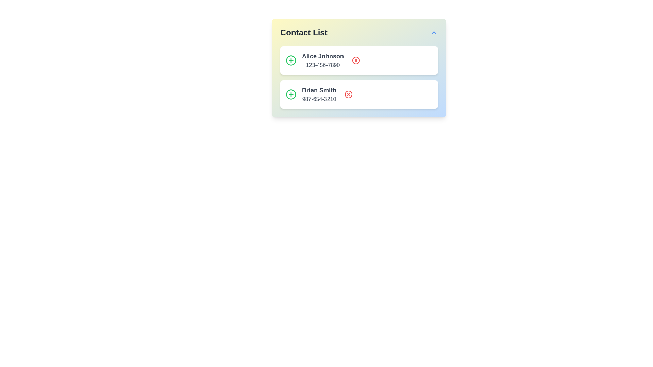 The height and width of the screenshot is (367, 653). What do you see at coordinates (322, 60) in the screenshot?
I see `the adjacent green '+' icon and the red 'x' icon next to the contact 'Alice Johnson' in the first entry of the 'Contact List'` at bounding box center [322, 60].